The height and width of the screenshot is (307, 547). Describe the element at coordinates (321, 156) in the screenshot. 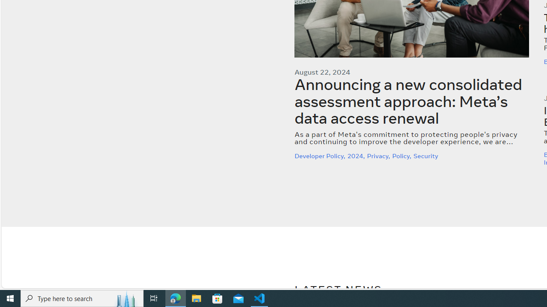

I see `'Developer Policy,'` at that location.